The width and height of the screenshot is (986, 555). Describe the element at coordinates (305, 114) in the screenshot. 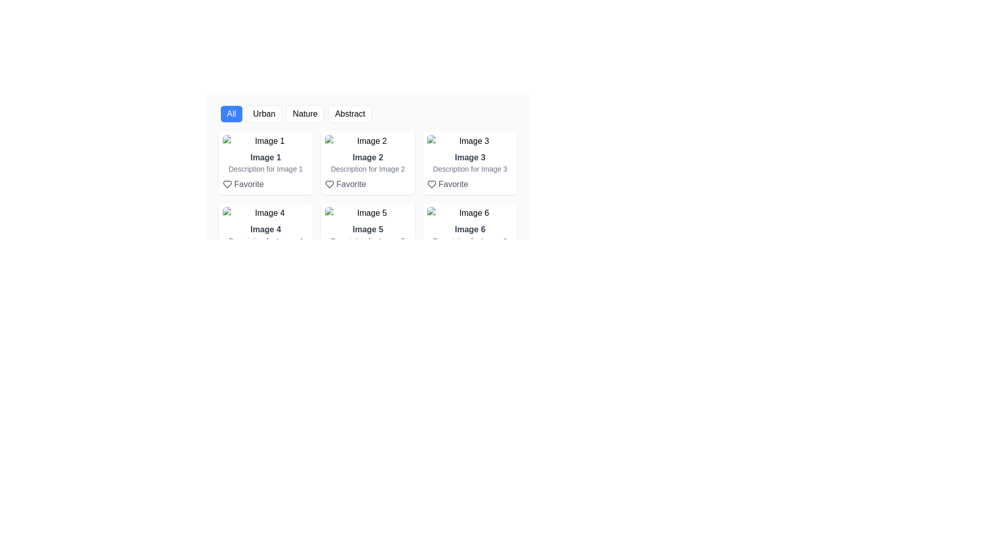

I see `the 'Nature' button, which is a rectangular button with a white background and black text, positioned between the 'Urban' and 'Abstract' buttons in a horizontal row` at that location.